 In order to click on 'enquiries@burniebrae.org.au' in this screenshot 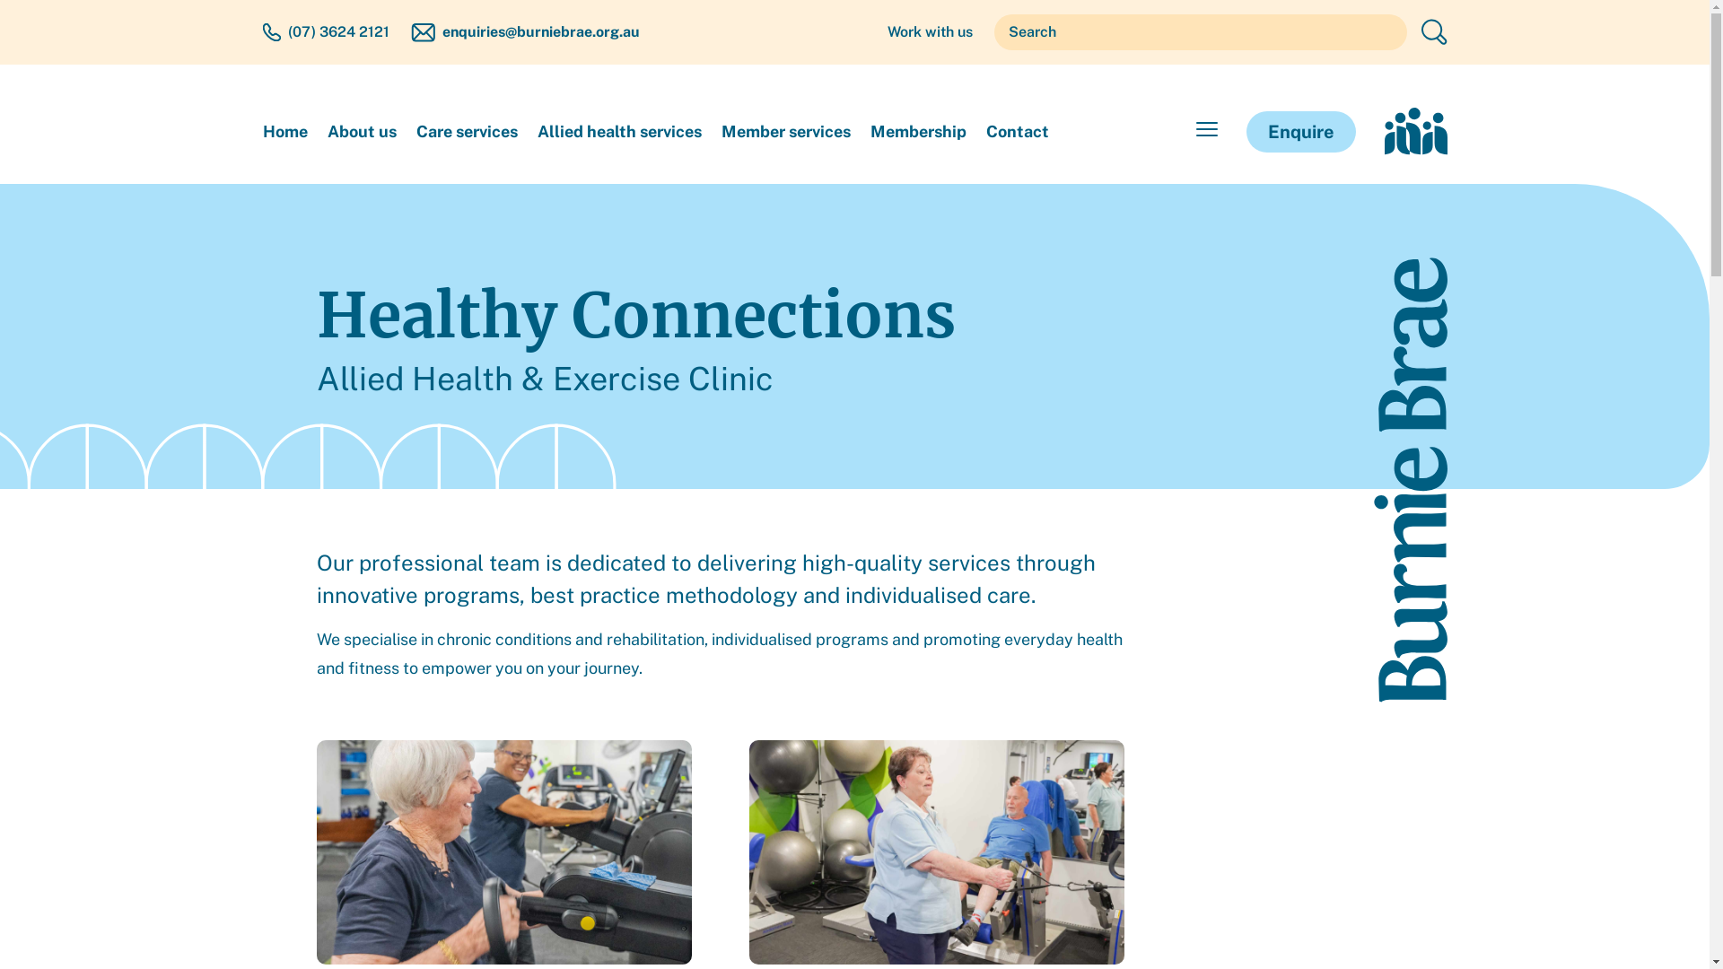, I will do `click(441, 31)`.